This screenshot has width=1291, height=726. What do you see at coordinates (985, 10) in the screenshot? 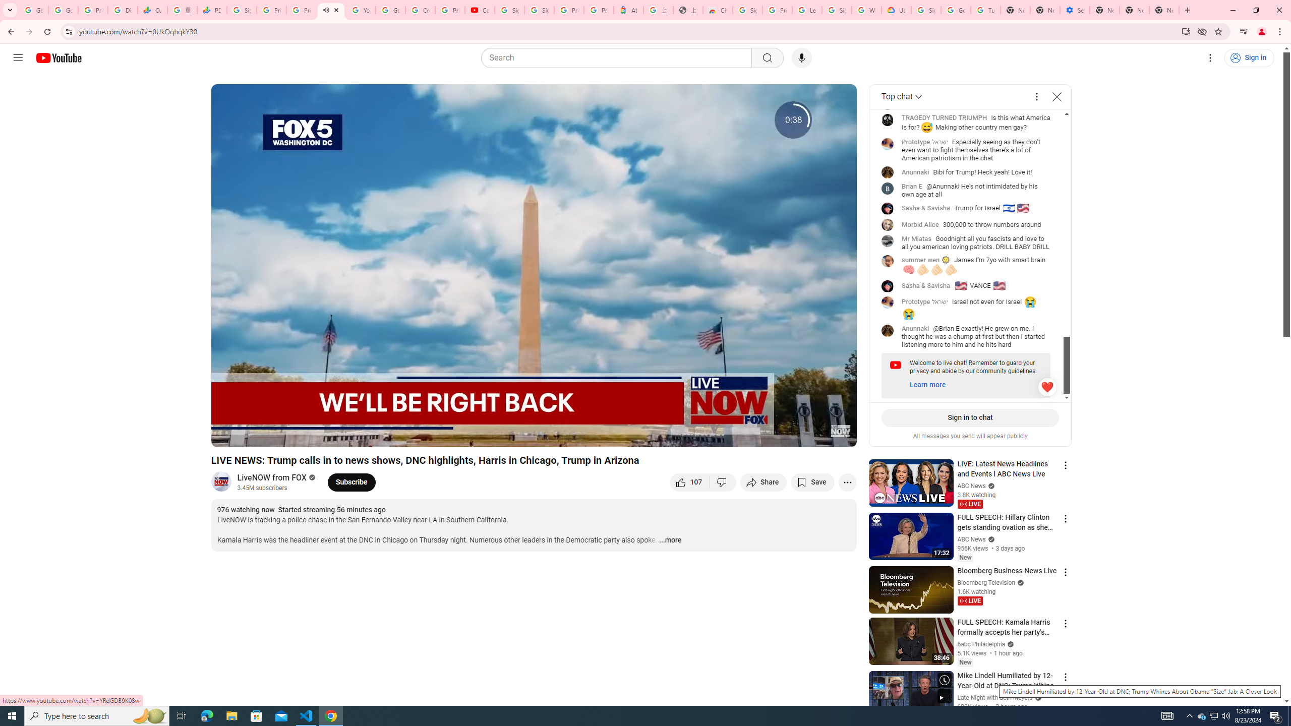
I see `'Turn cookies on or off - Computer - Google Account Help'` at bounding box center [985, 10].